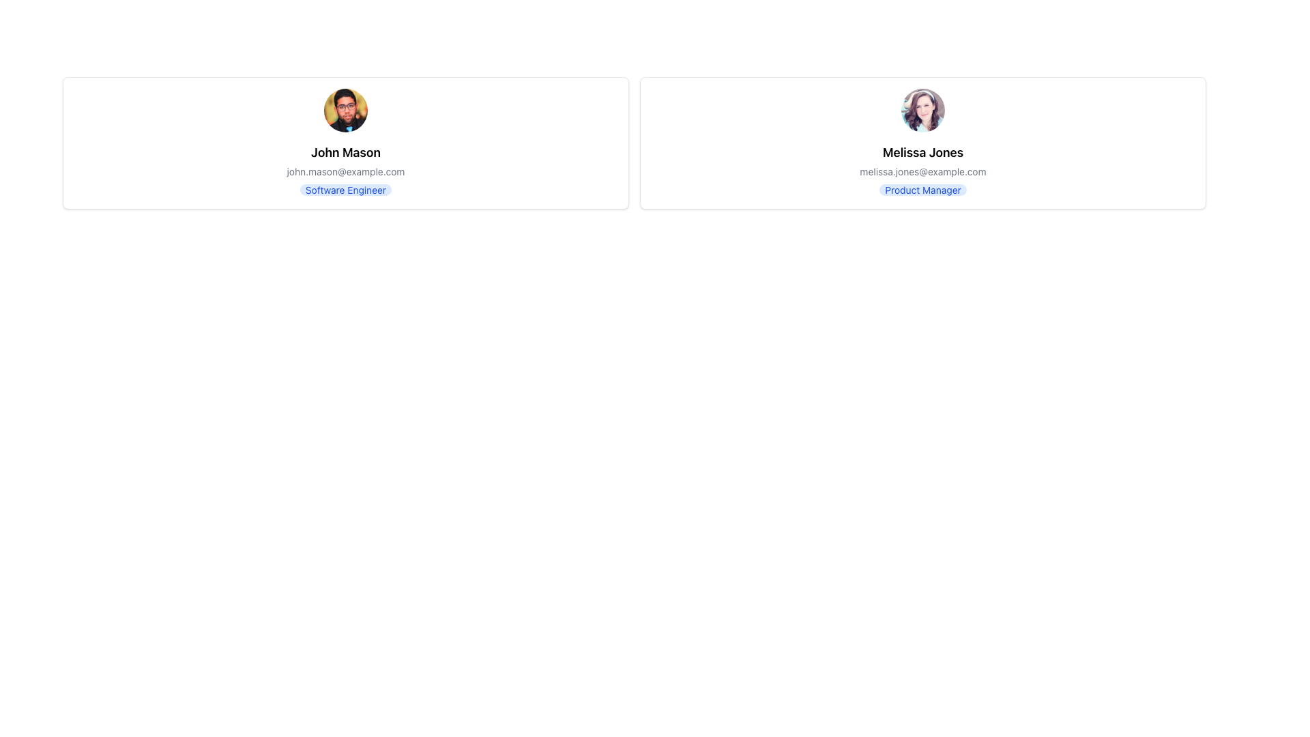 The image size is (1310, 737). I want to click on the text label displaying the user's email address, positioned between the title 'John Mason' and the label 'Software Engineer', so click(346, 171).